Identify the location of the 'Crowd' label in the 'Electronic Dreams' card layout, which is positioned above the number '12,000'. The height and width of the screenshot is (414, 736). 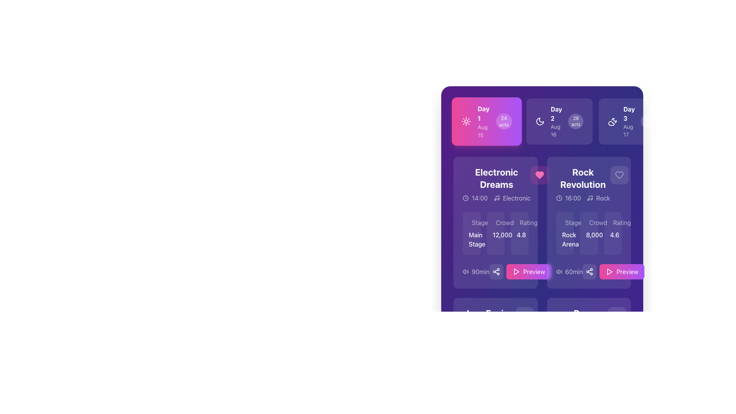
(495, 223).